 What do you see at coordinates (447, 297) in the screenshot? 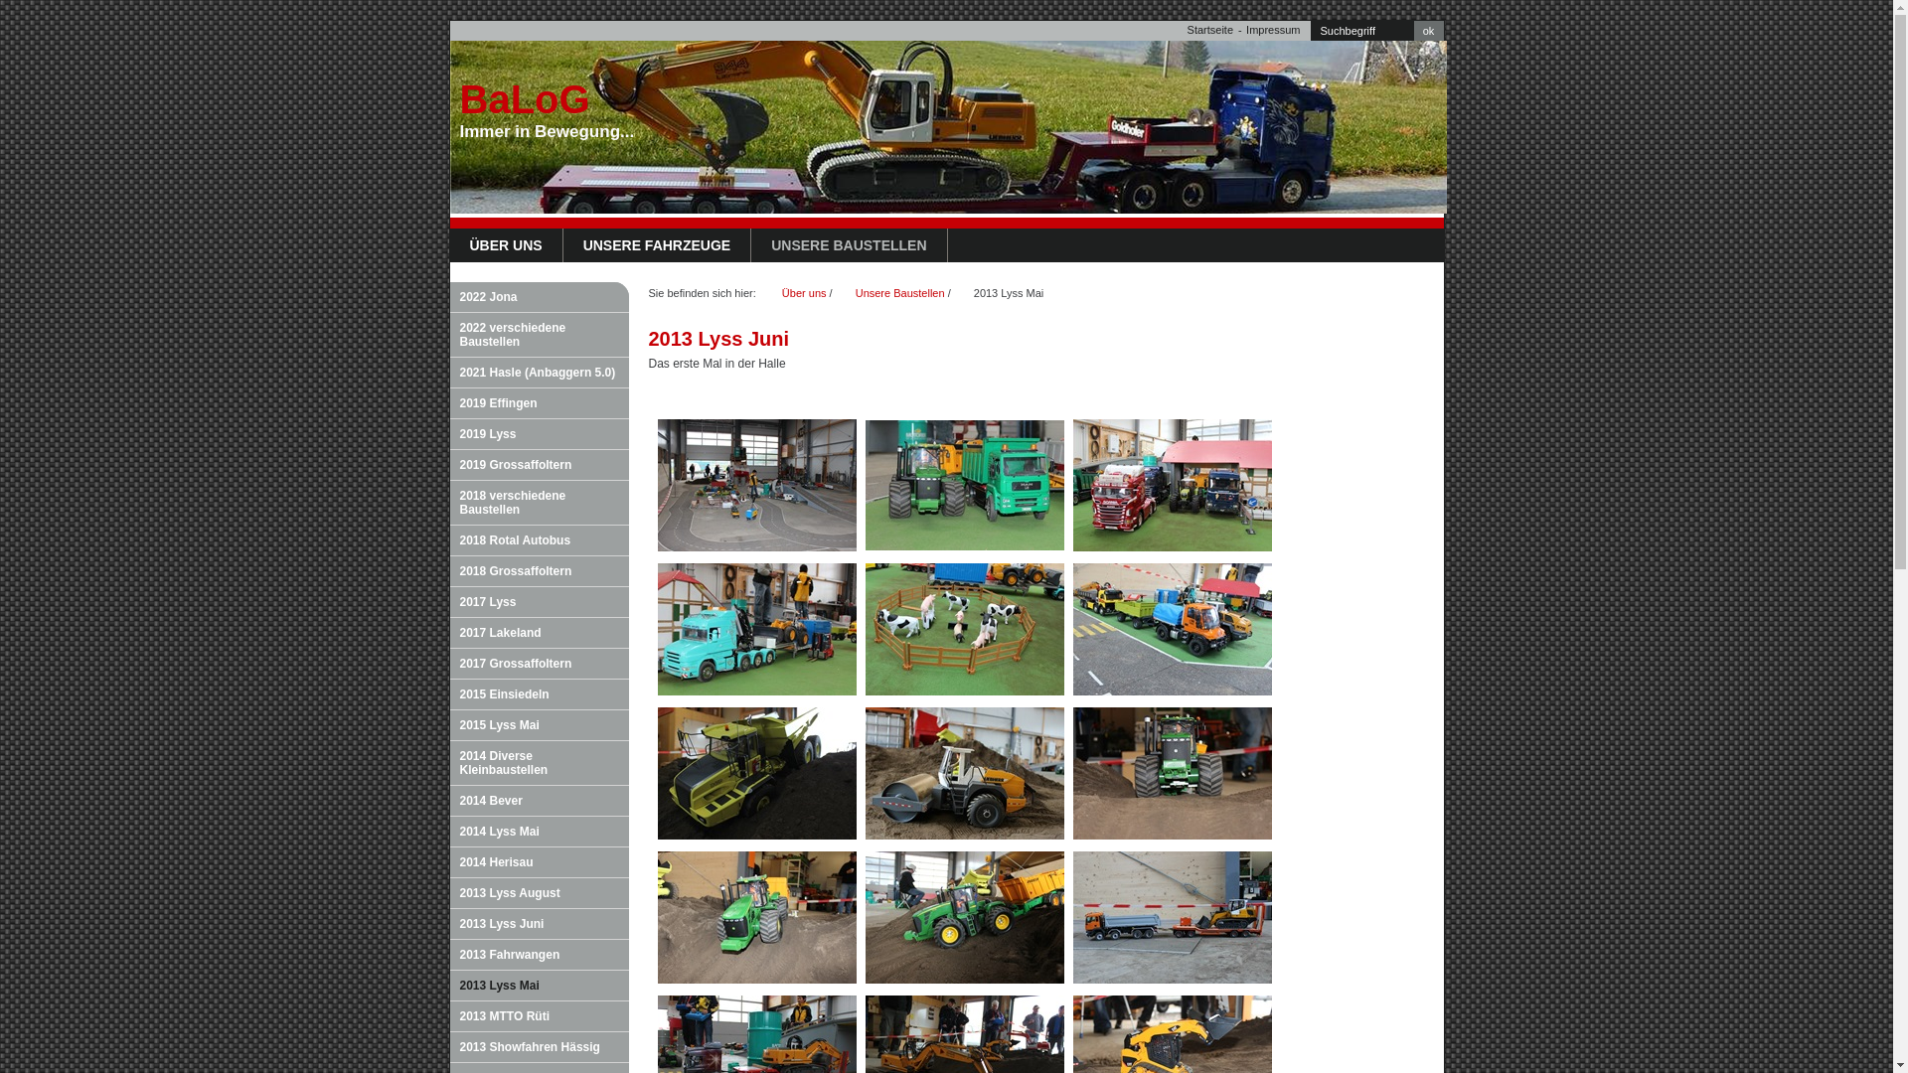
I see `'2022 Jona'` at bounding box center [447, 297].